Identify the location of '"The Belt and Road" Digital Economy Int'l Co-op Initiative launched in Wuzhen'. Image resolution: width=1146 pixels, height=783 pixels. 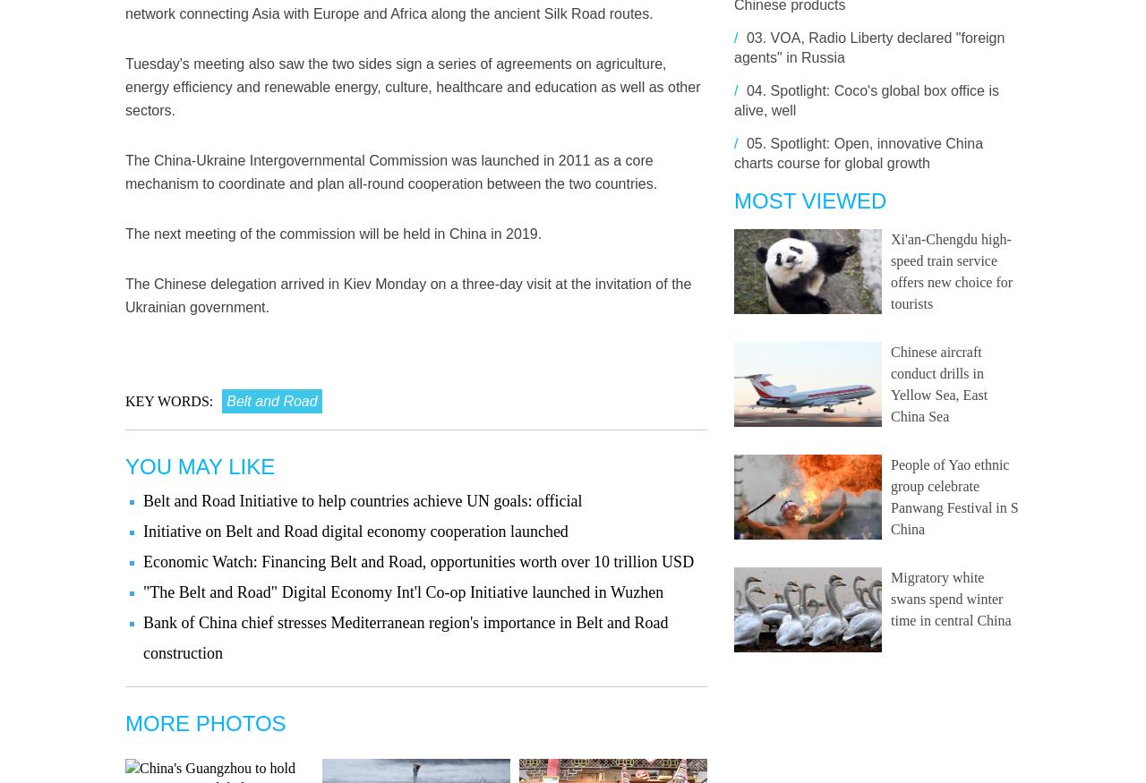
(402, 592).